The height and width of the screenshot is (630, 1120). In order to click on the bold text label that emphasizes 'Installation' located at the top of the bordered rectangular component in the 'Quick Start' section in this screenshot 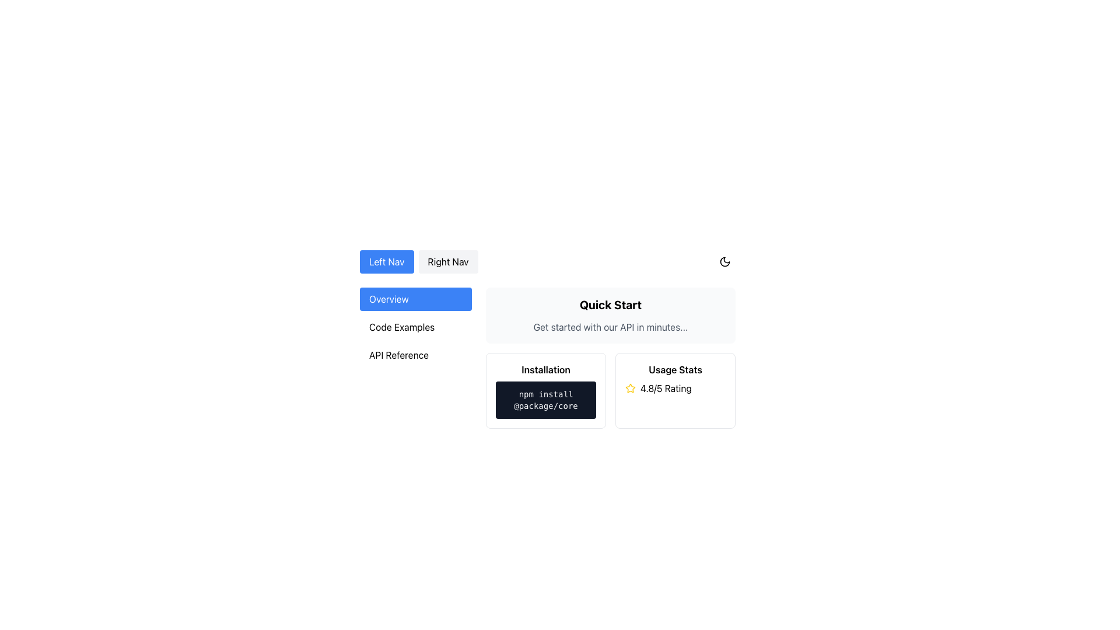, I will do `click(545, 369)`.